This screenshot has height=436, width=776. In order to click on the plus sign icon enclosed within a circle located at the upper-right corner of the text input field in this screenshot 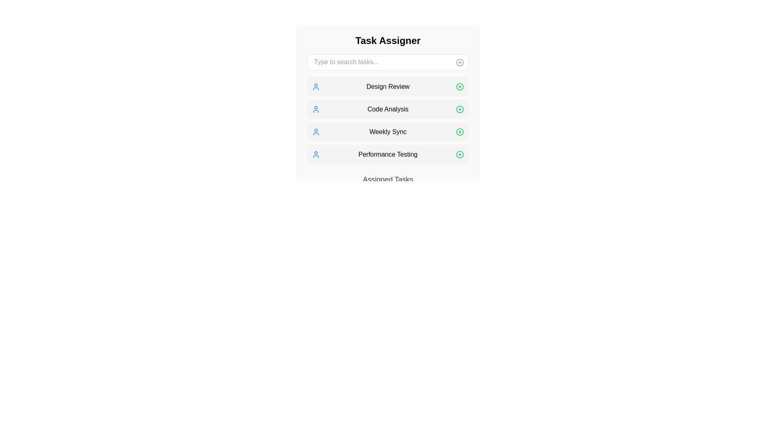, I will do `click(460, 62)`.